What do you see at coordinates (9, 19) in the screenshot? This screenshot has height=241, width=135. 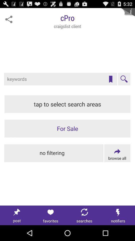 I see `share cilent` at bounding box center [9, 19].